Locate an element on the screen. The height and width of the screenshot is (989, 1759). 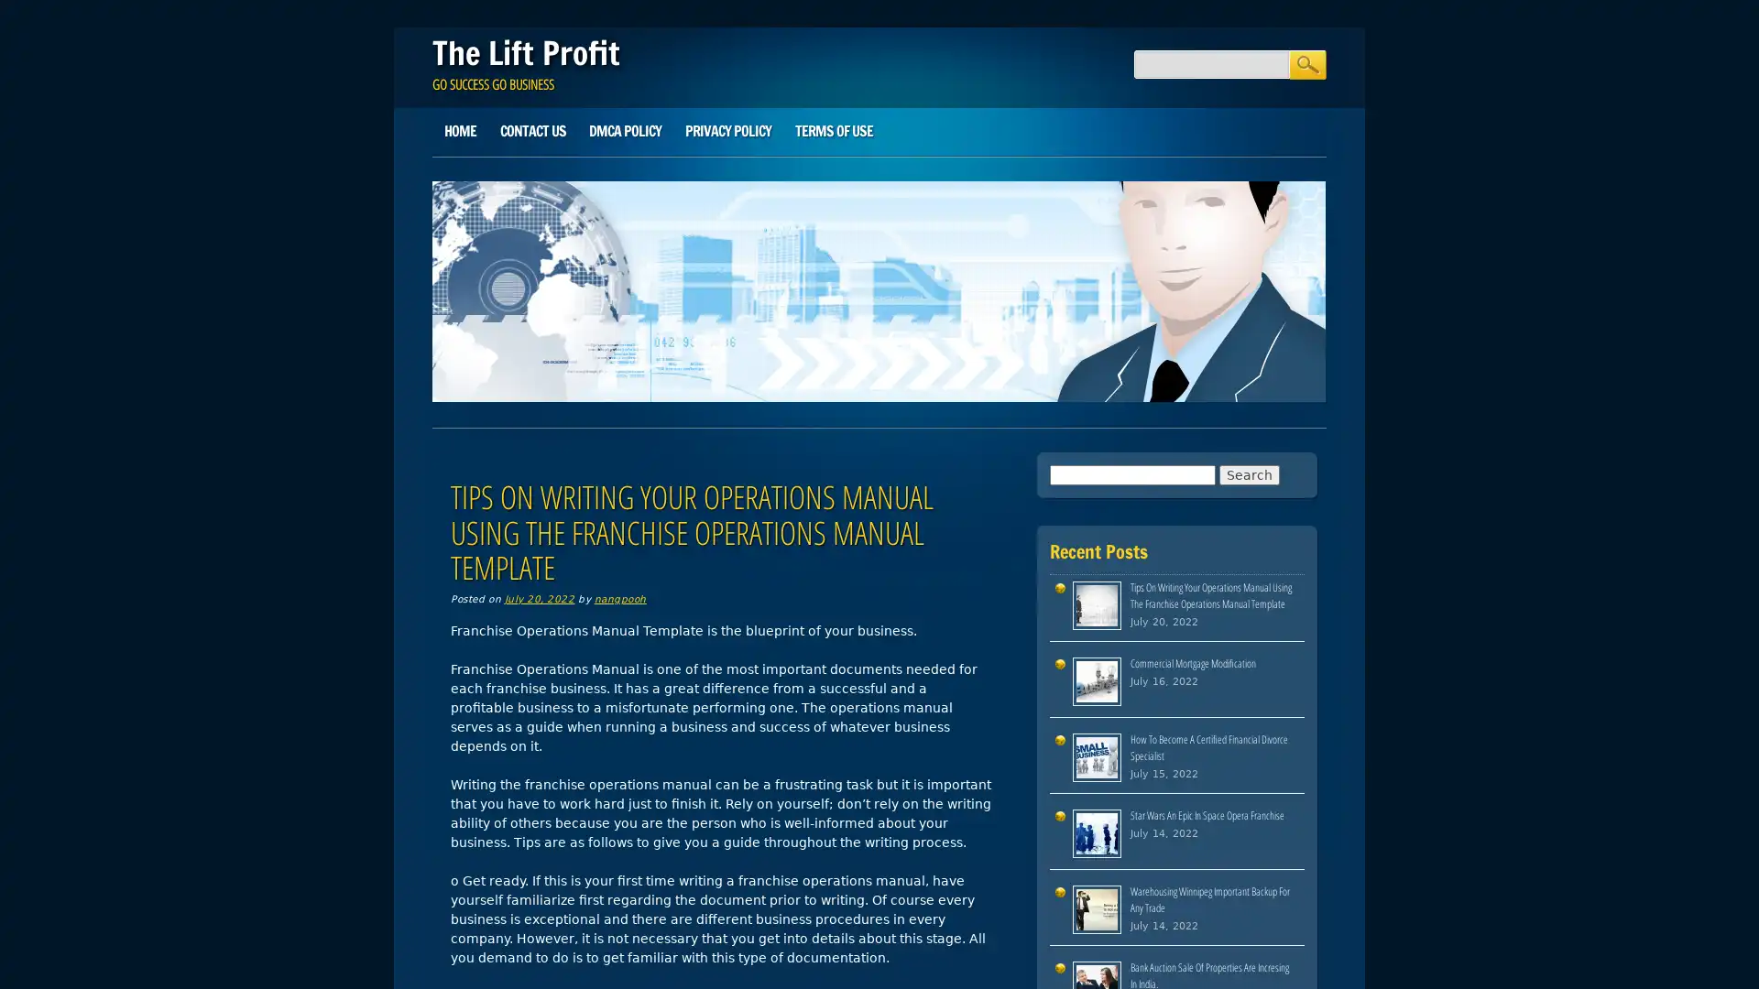
Search is located at coordinates (1248, 473).